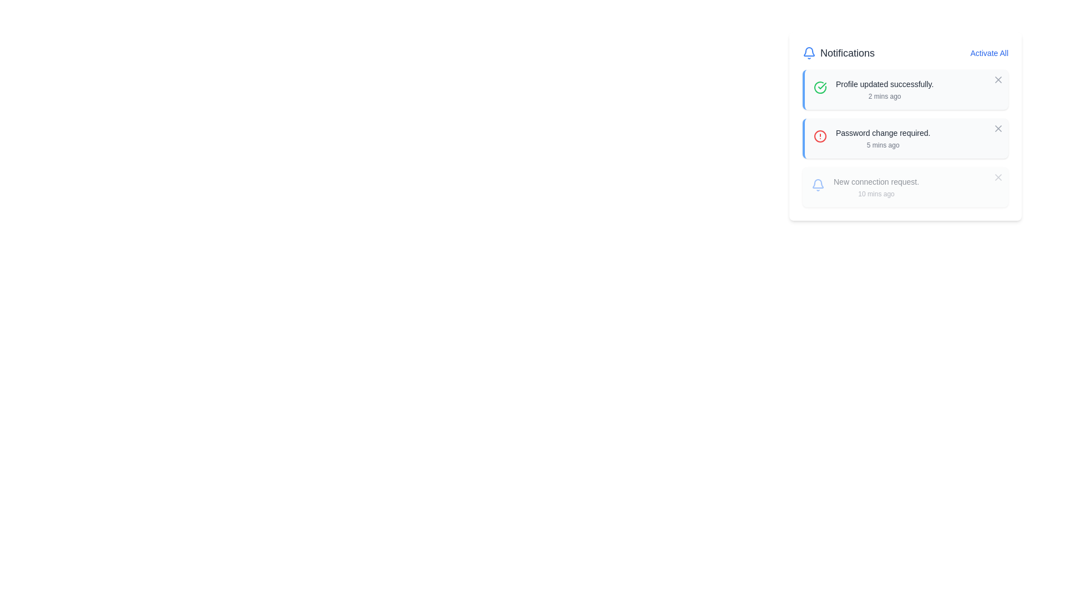 The image size is (1065, 599). What do you see at coordinates (875, 187) in the screenshot?
I see `the bottom notification card in the notifications panel that displays a message about a new connection request received 10 minutes ago` at bounding box center [875, 187].